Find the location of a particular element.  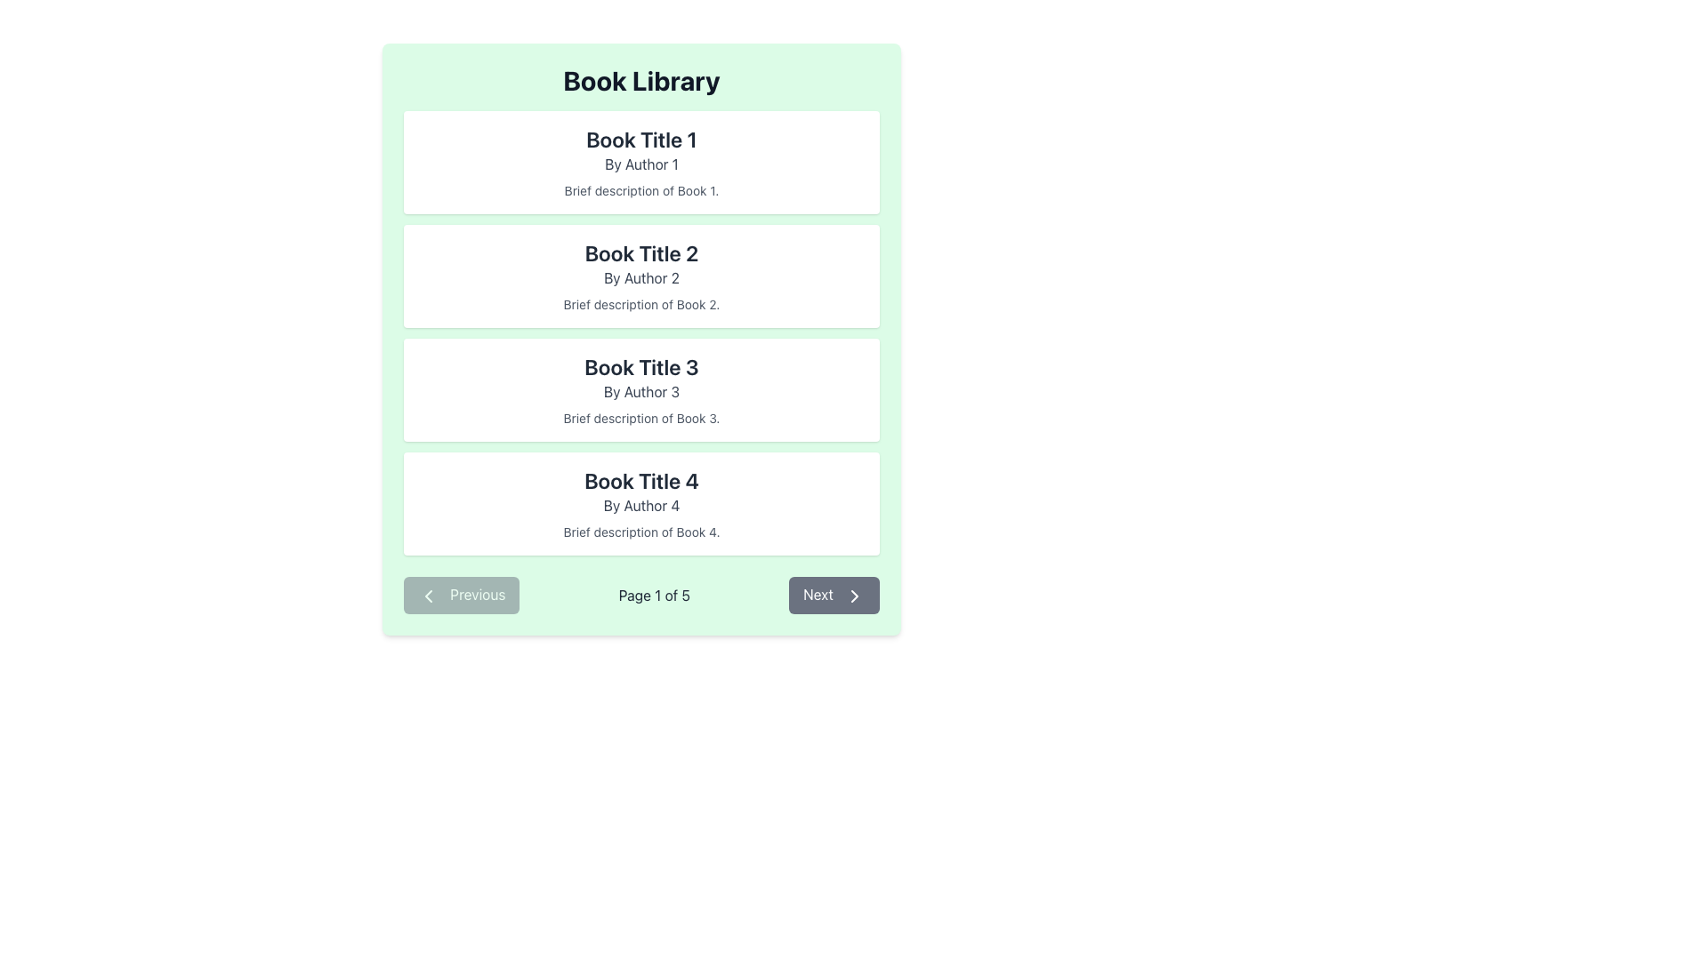

the backward navigation chevron icon located on the left side of the footer navigation bar, which is part of the 'Previous' button is located at coordinates (428, 596).